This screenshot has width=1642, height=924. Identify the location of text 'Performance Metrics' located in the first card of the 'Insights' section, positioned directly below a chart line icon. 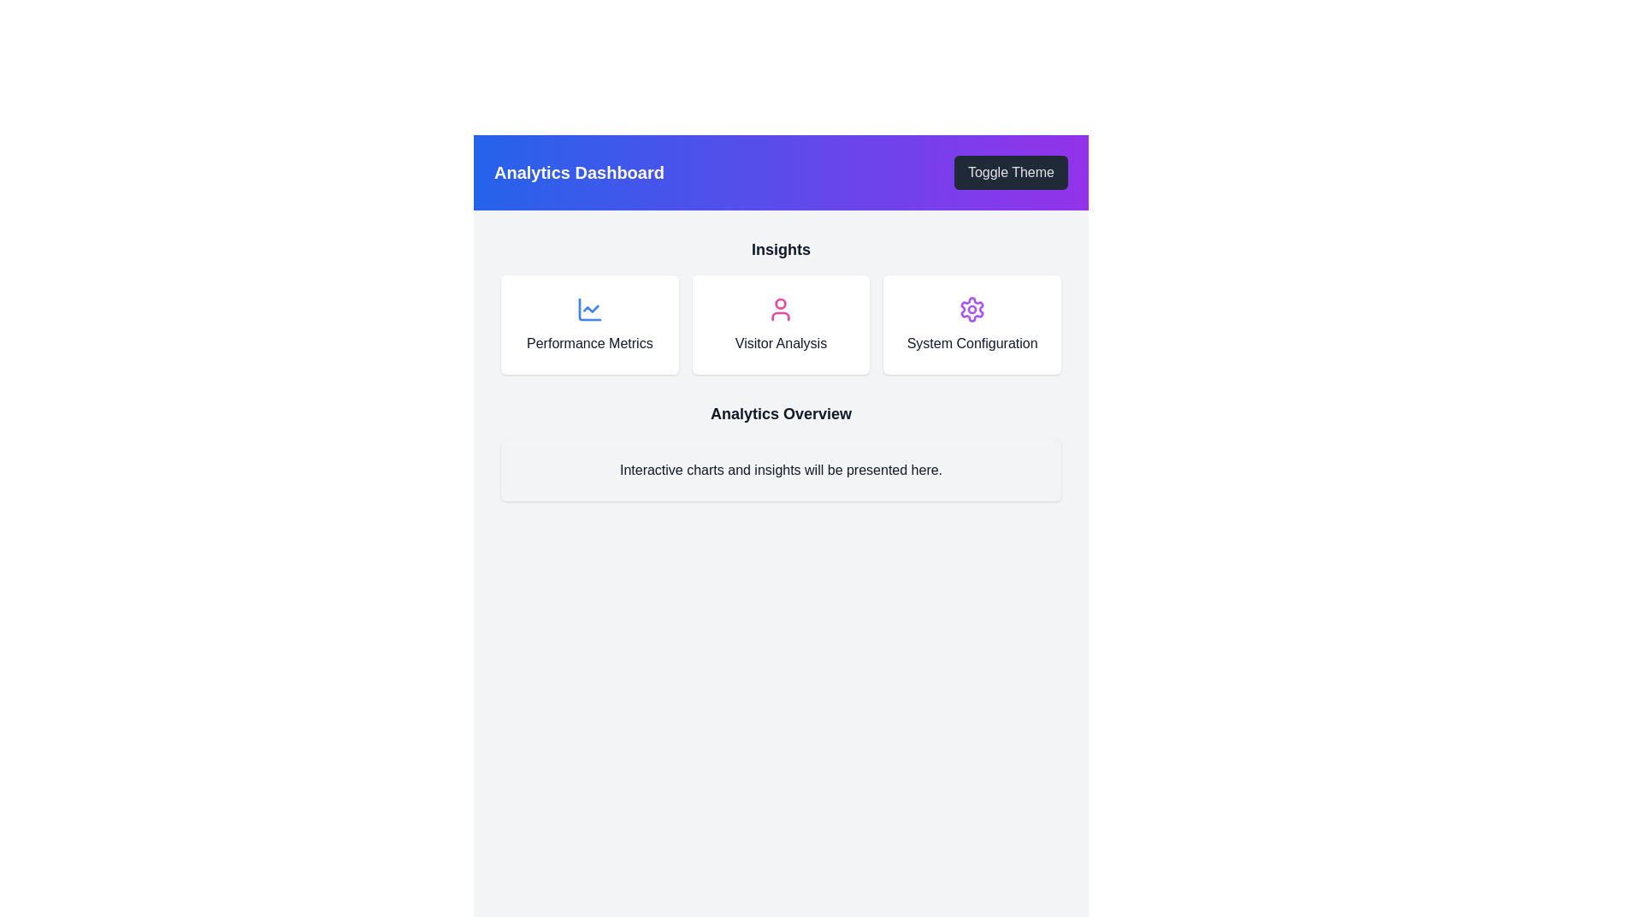
(589, 343).